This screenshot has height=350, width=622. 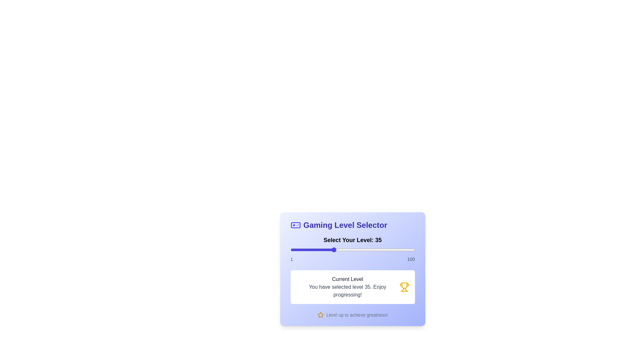 I want to click on the gaming level, so click(x=339, y=250).